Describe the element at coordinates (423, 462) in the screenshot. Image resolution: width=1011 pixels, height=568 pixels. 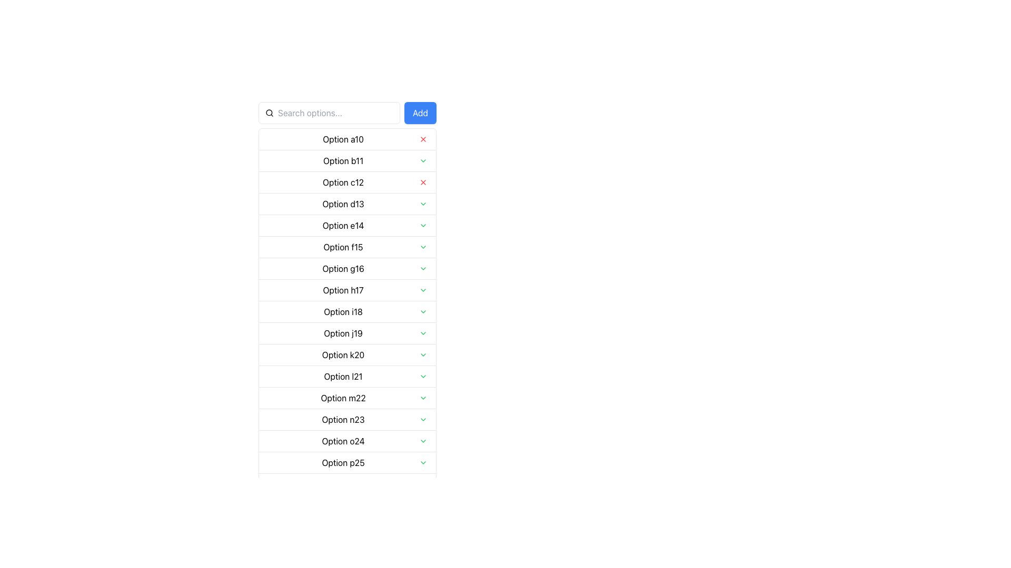
I see `the chevron-down icon associated with 'Option p25'` at that location.